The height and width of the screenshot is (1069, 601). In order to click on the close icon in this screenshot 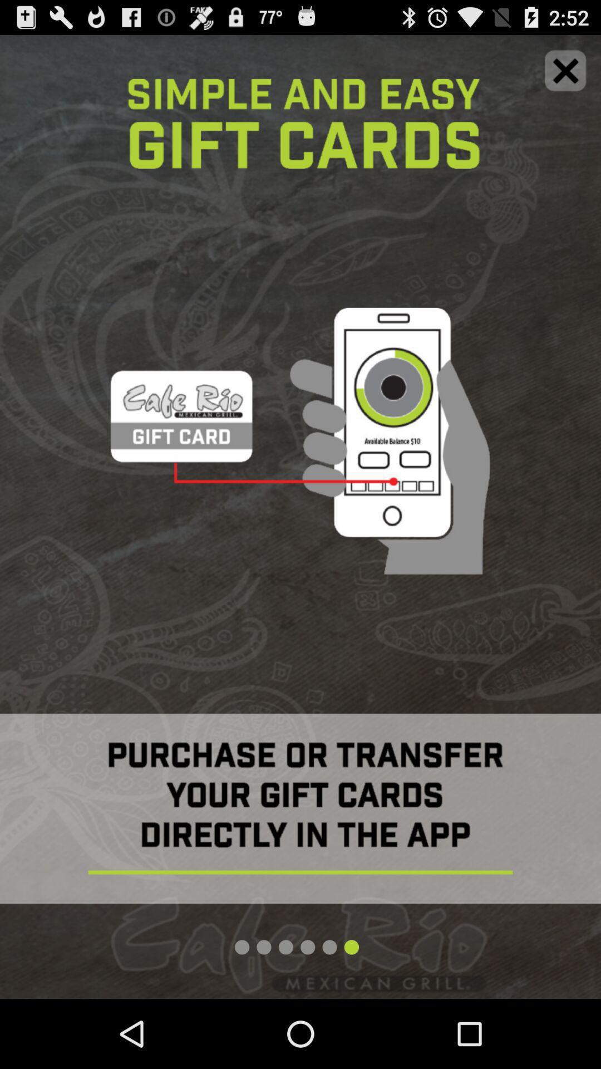, I will do `click(565, 75)`.